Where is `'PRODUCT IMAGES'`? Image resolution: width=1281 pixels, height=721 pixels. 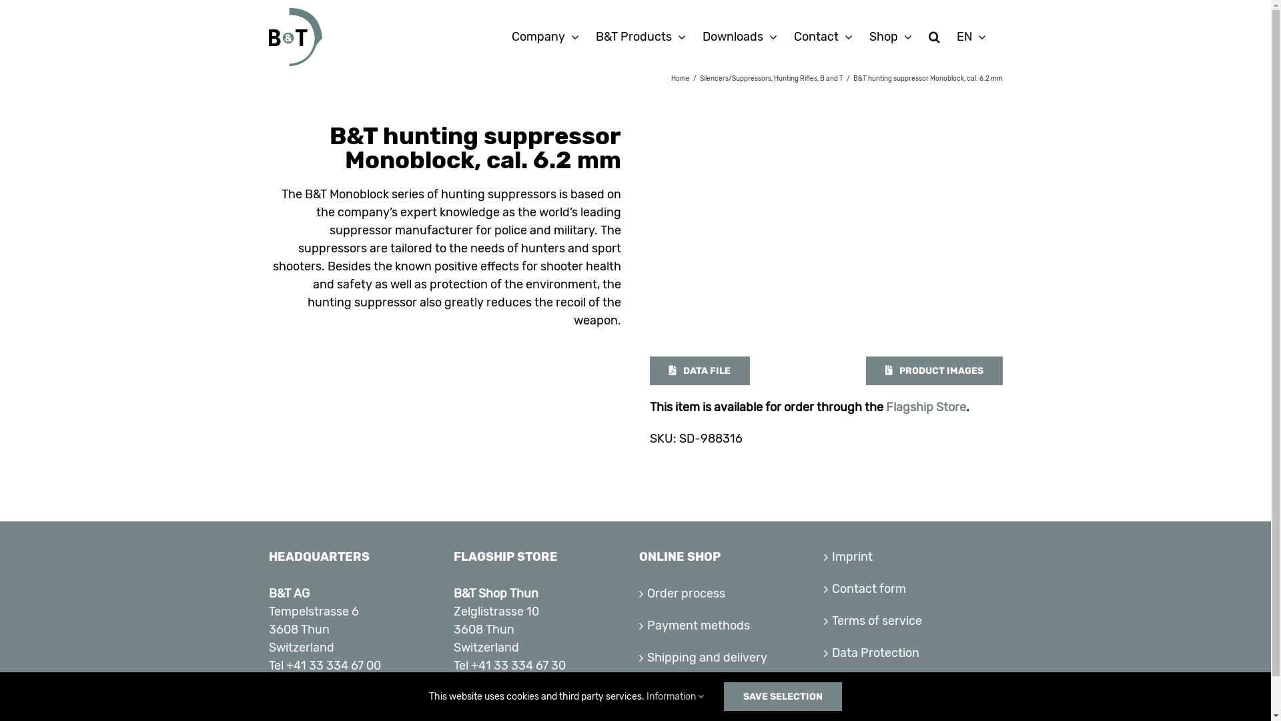
'PRODUCT IMAGES' is located at coordinates (933, 371).